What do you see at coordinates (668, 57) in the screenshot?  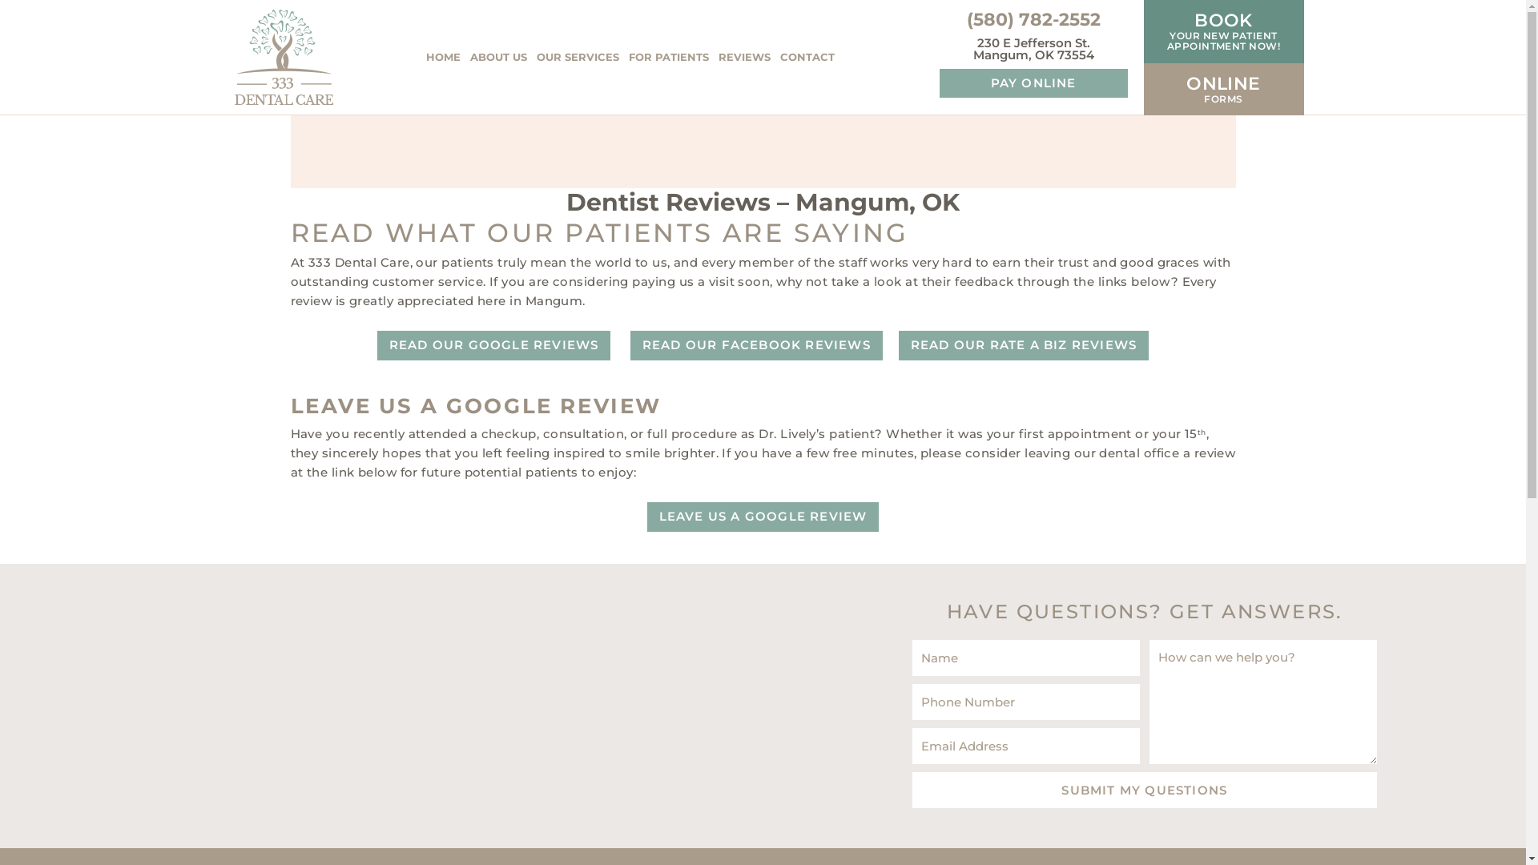 I see `'FOR PATIENTS'` at bounding box center [668, 57].